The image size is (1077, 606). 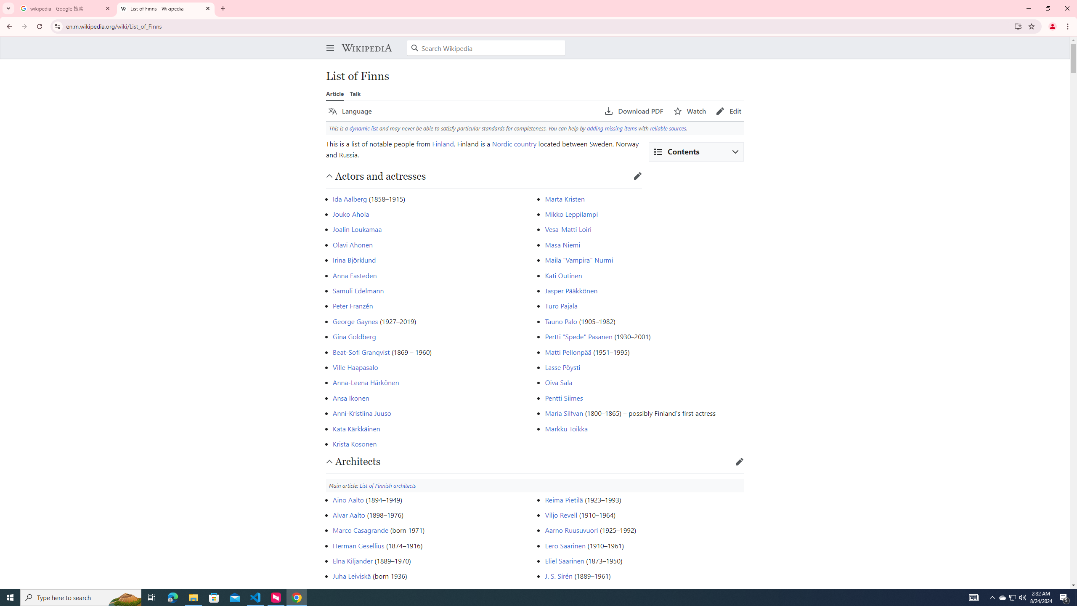 What do you see at coordinates (328, 41) in the screenshot?
I see `'AutomationID: main-menu-input'` at bounding box center [328, 41].